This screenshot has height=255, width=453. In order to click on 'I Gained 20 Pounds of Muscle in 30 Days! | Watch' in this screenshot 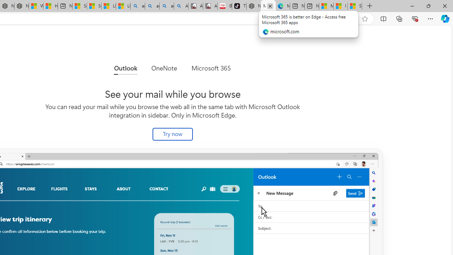, I will do `click(340, 6)`.